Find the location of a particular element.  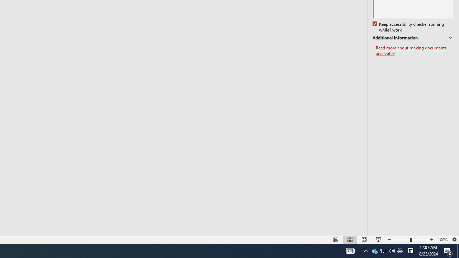

'Zoom 100%' is located at coordinates (442, 240).